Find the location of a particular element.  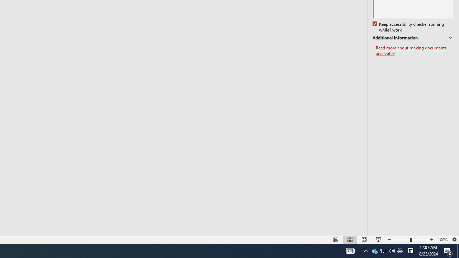

'Zoom 100%' is located at coordinates (442, 240).